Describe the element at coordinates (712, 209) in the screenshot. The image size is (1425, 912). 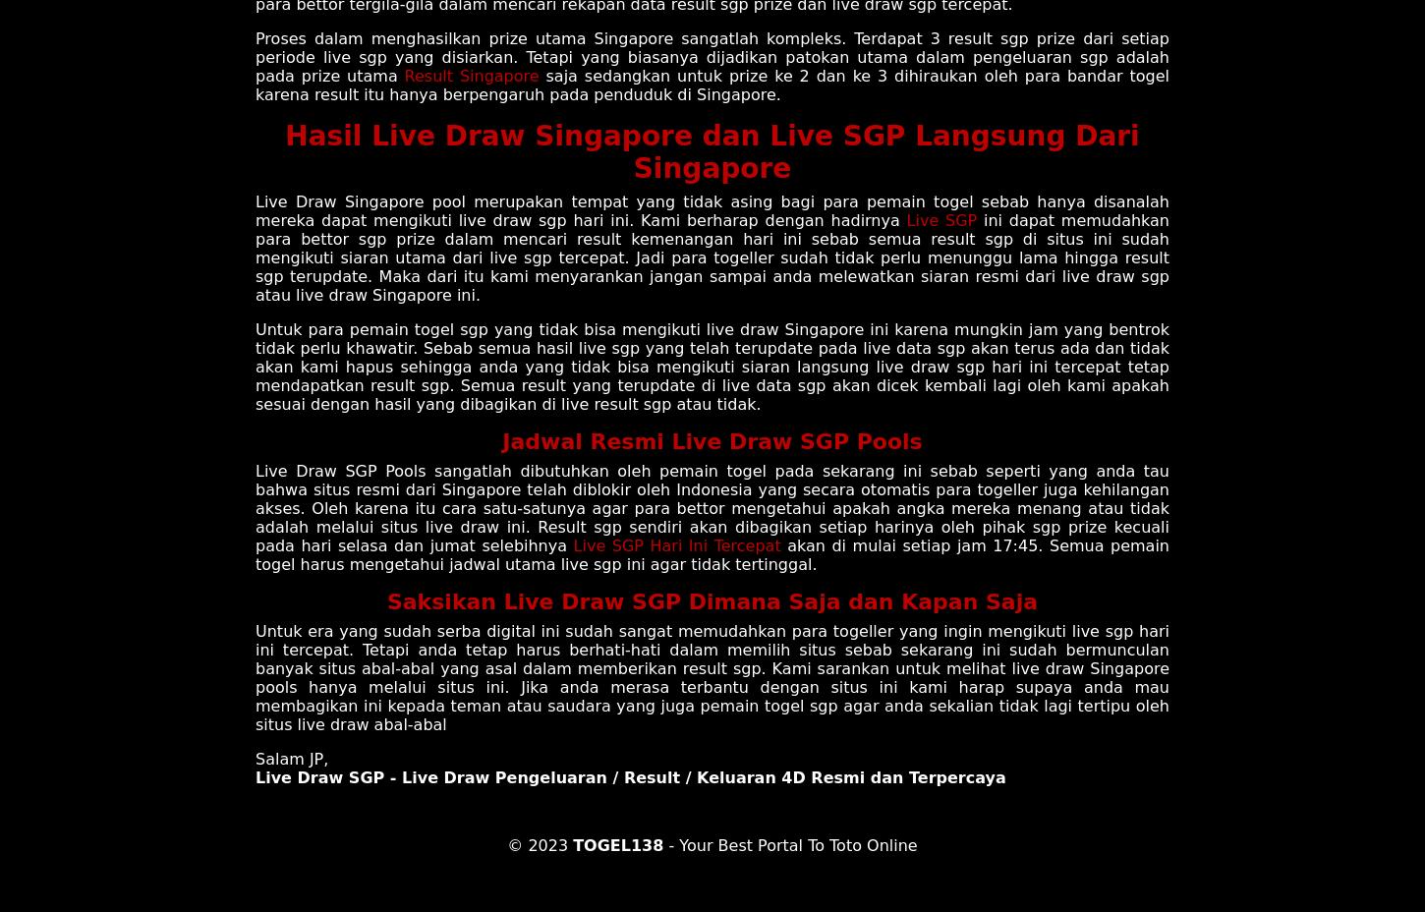
I see `'Live Draw Singapore pool merupakan tempat yang tidak asing bagi para pemain togel sebab hanya disanalah mereka dapat mengikuti live draw sgp hari ini. Kami berharap dengan hadirnya'` at that location.